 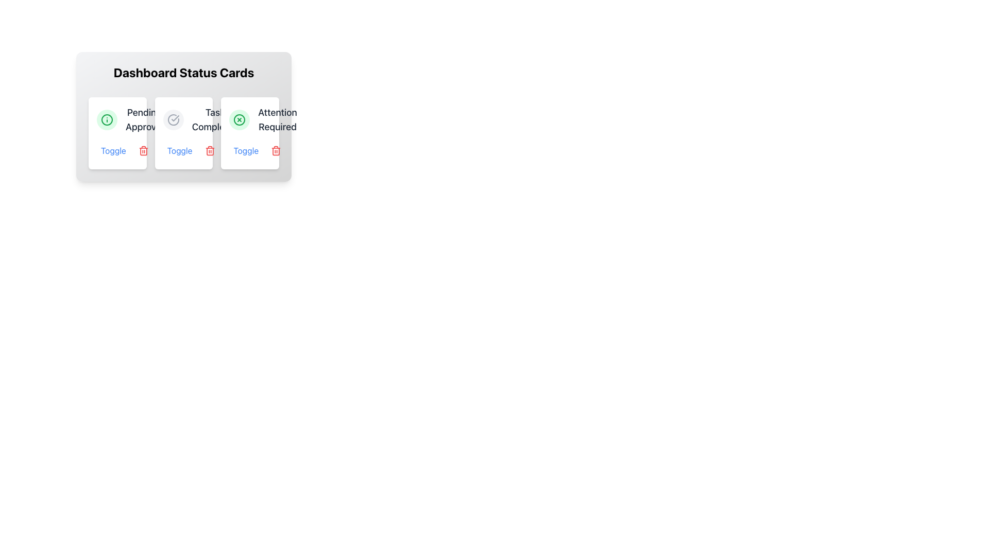 I want to click on the 'Toggle' button, which is the first button under the 'Tasks Completed' card in the 'Dashboard Status Cards' section, so click(x=180, y=151).